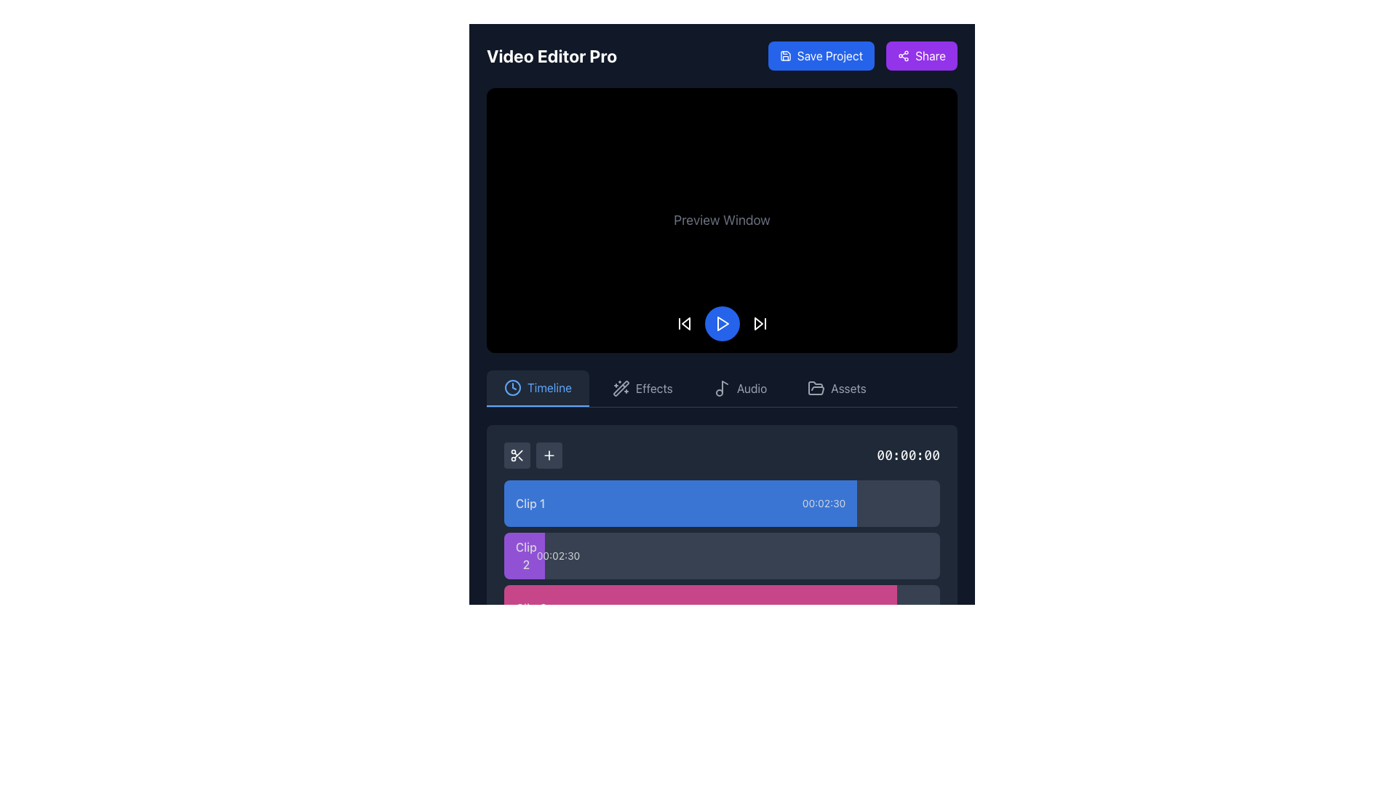 Image resolution: width=1397 pixels, height=786 pixels. What do you see at coordinates (759, 322) in the screenshot?
I see `the 'skip forward' button, which is styled with a forward triangle and vertical bar, located in the bottom center of the application interface within the media control bar` at bounding box center [759, 322].